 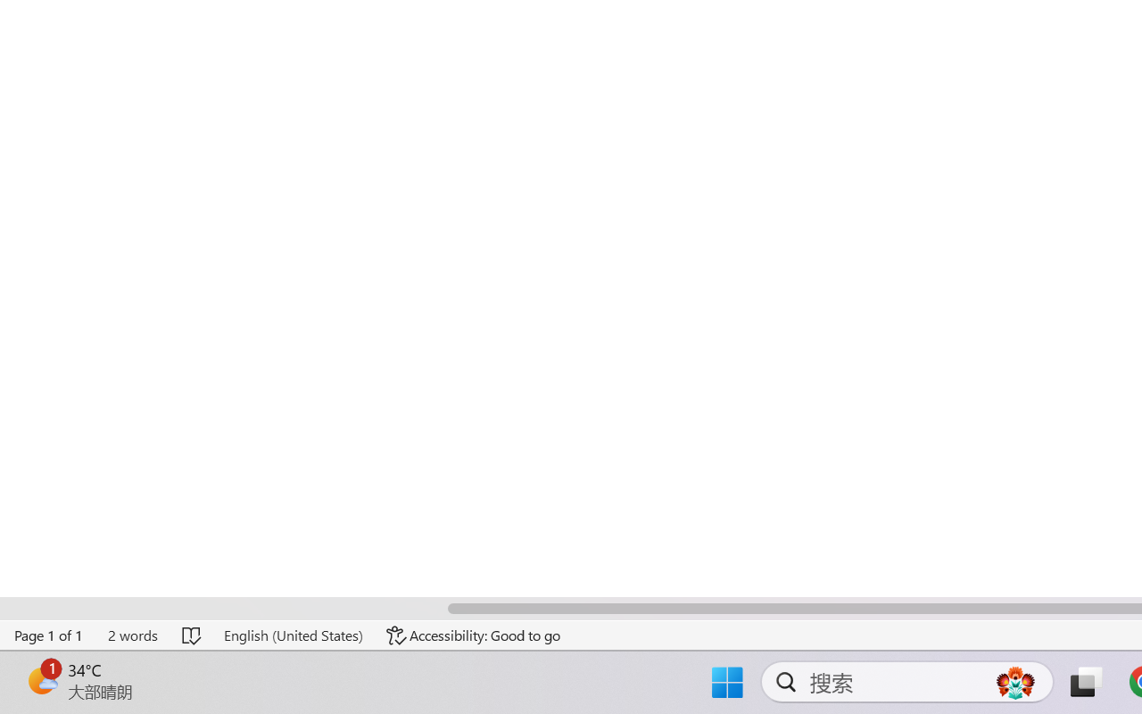 I want to click on 'Language English (United States)', so click(x=293, y=635).